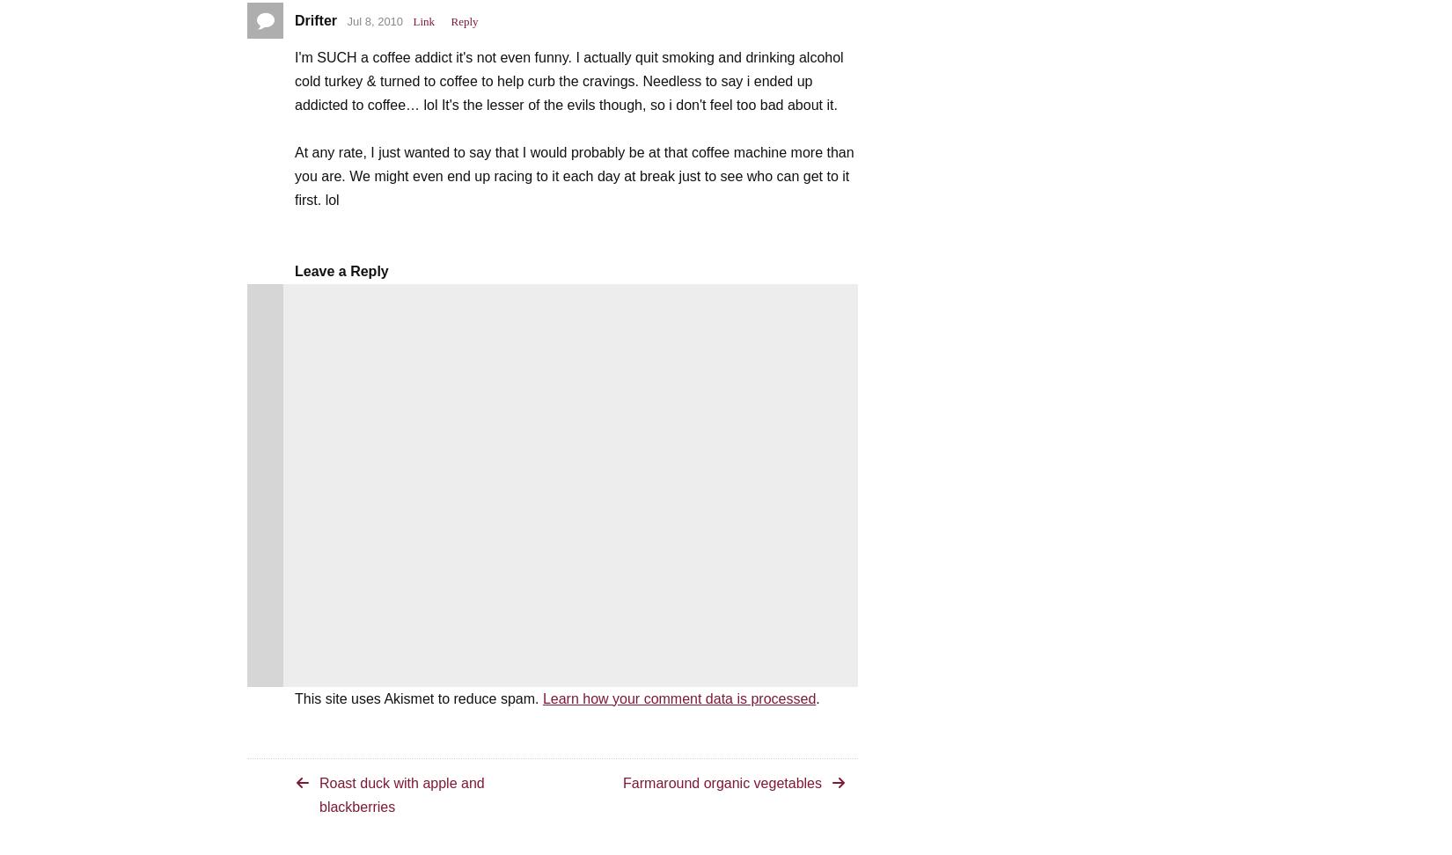 Image resolution: width=1452 pixels, height=855 pixels. What do you see at coordinates (294, 79) in the screenshot?
I see `'I'm SUCH a coffee addict it's not even funny. I actually quit smoking and drinking alcohol cold turkey & turned to coffee to help curb the cravings. Needless to say i ended up addicted to coffee… lol It's the lesser of the evils though, so i don't feel too bad about it.'` at bounding box center [294, 79].